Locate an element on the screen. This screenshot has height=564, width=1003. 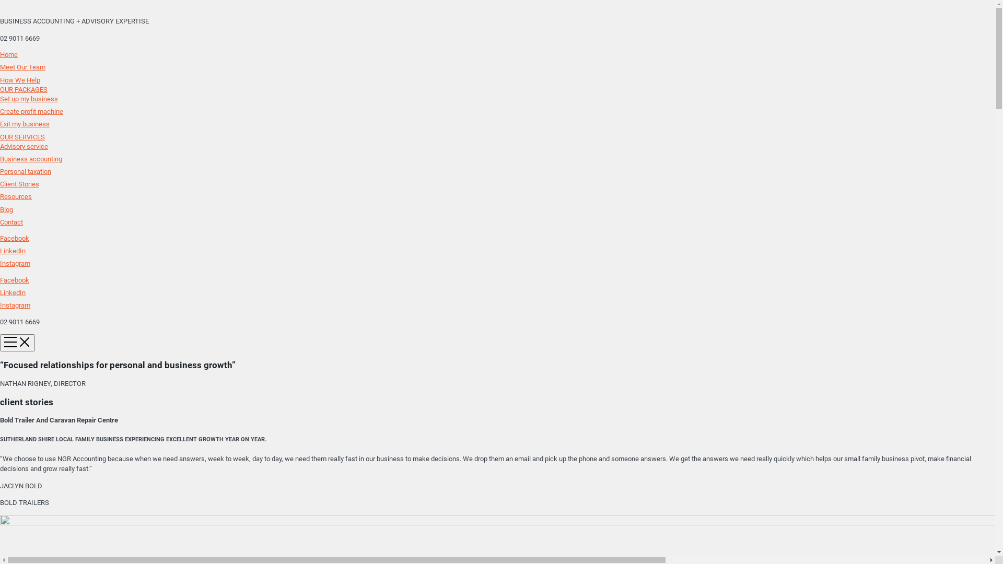
'OUR SERVICES' is located at coordinates (22, 136).